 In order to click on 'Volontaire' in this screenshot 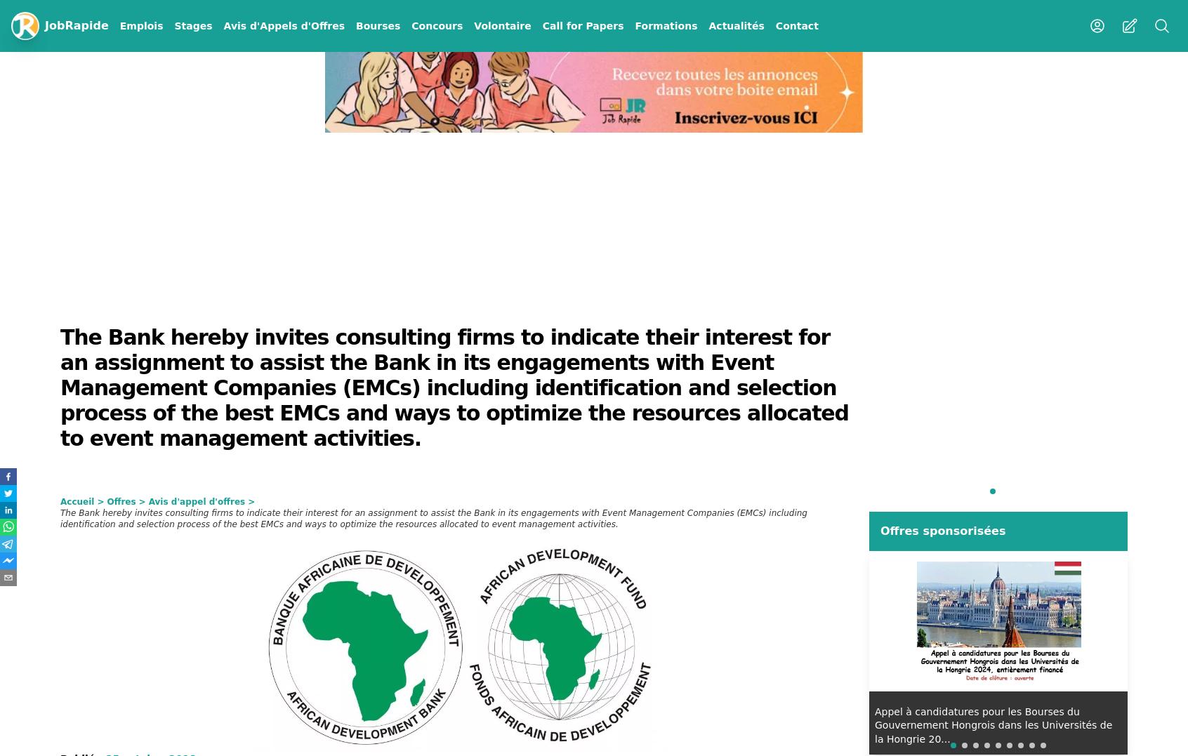, I will do `click(501, 25)`.